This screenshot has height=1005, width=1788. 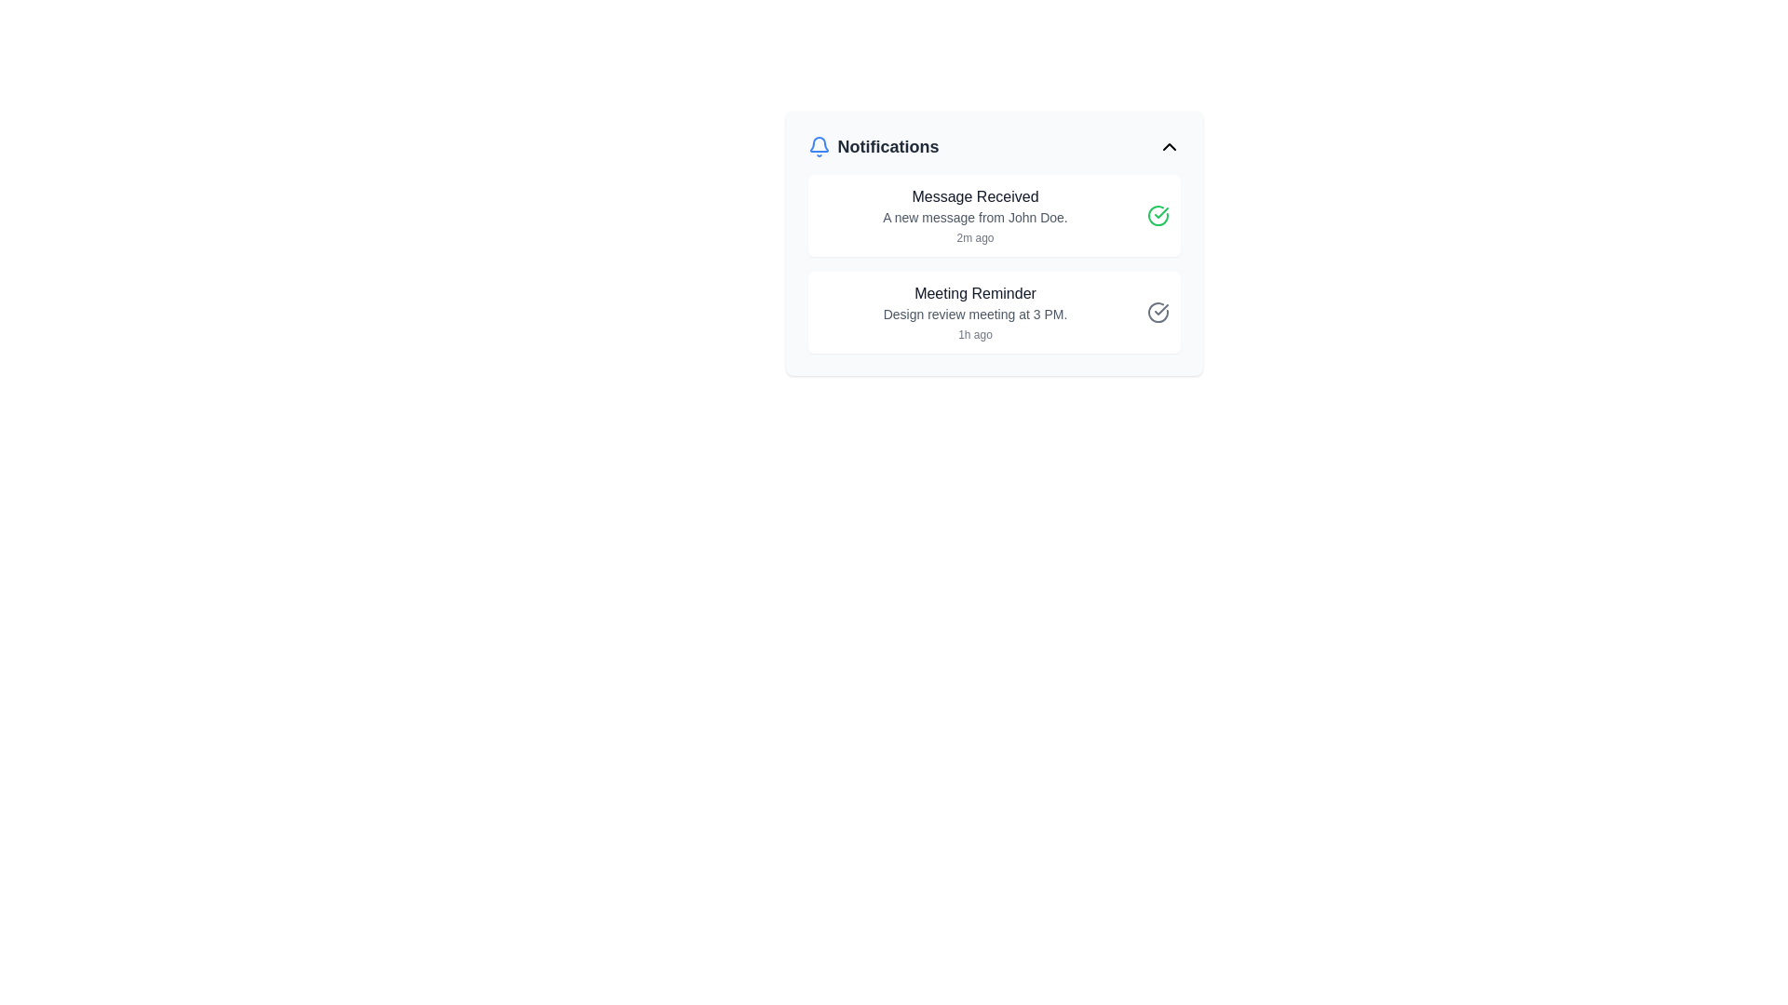 I want to click on the circular gray checkmark icon located on the right edge of the 'Meeting Reminder' notification card in the notifications panel, so click(x=1157, y=311).